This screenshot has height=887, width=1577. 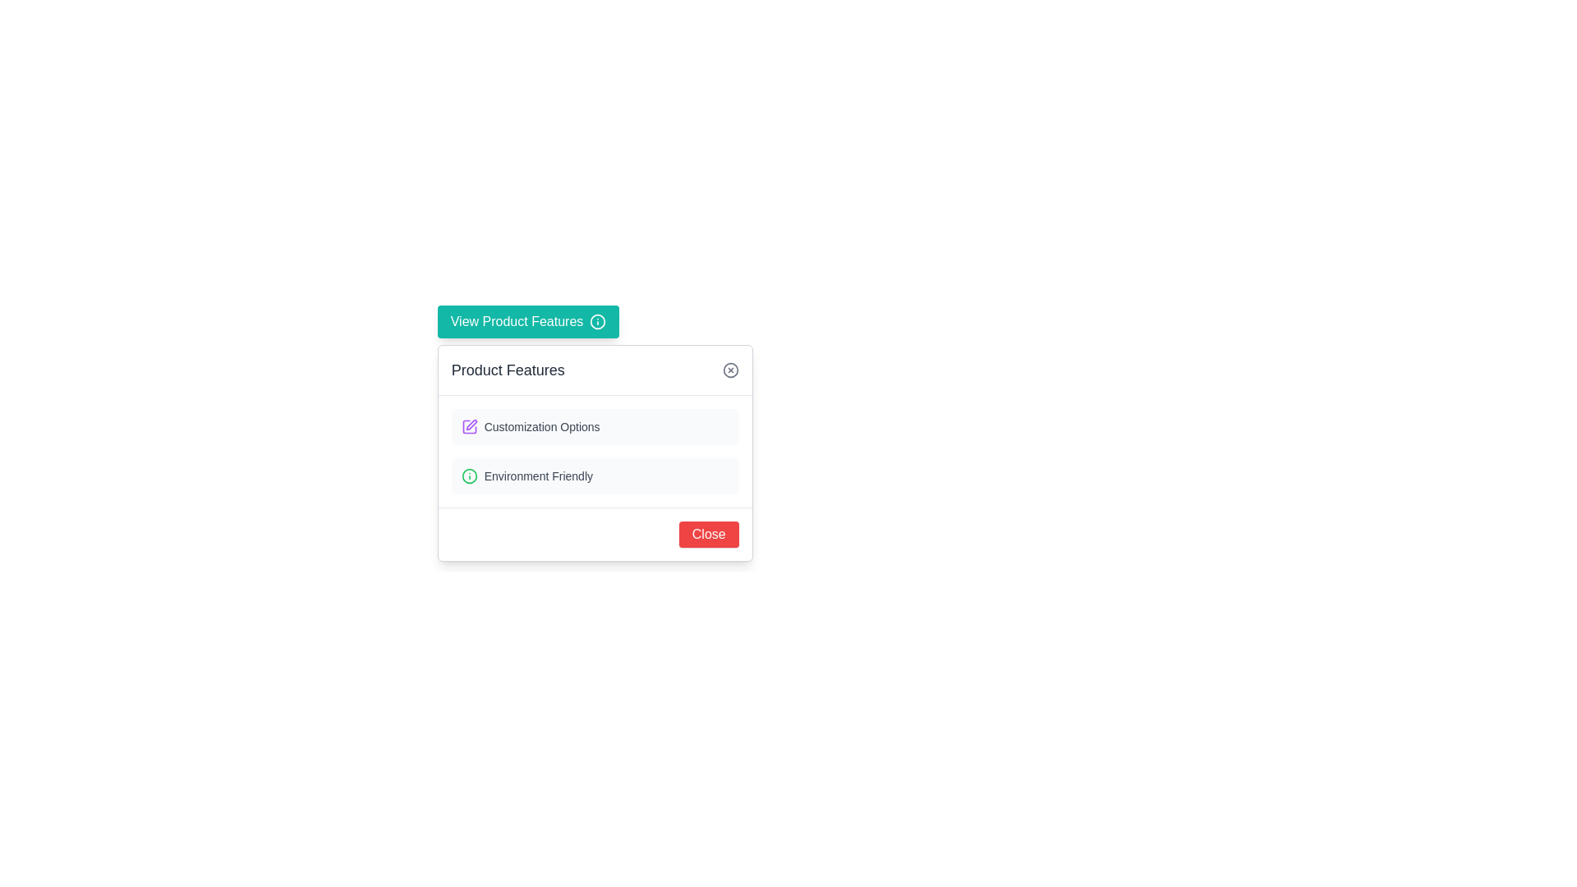 What do you see at coordinates (709, 535) in the screenshot?
I see `the close button in the bottom-right corner of the 'Product Features' panel to observe its hover effects` at bounding box center [709, 535].